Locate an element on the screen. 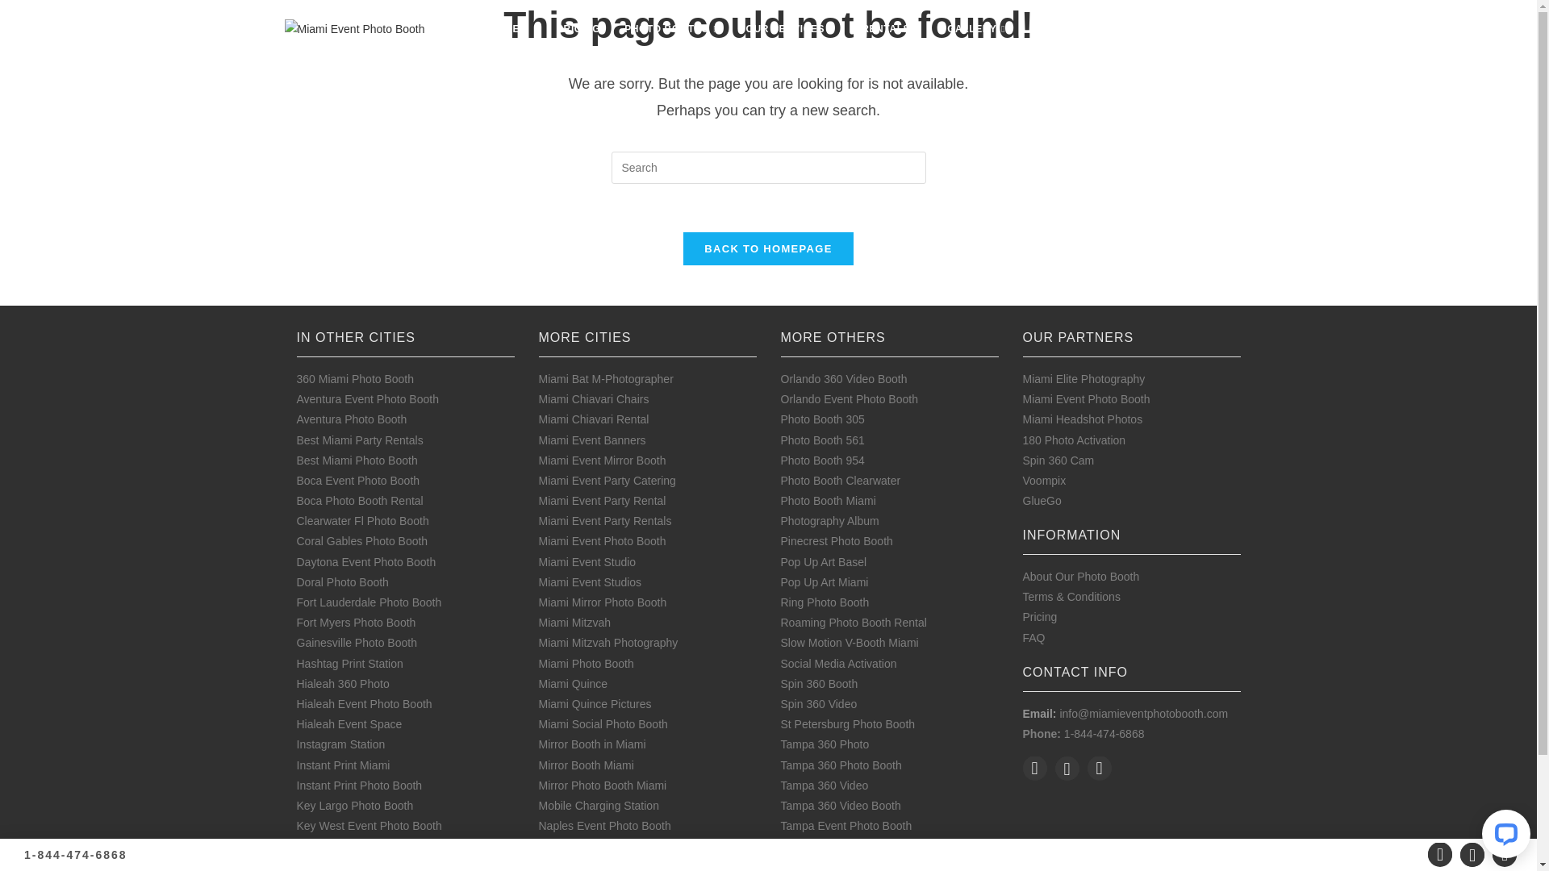 This screenshot has width=1549, height=871. 'Miami Mirror Photo Booth' is located at coordinates (602, 602).